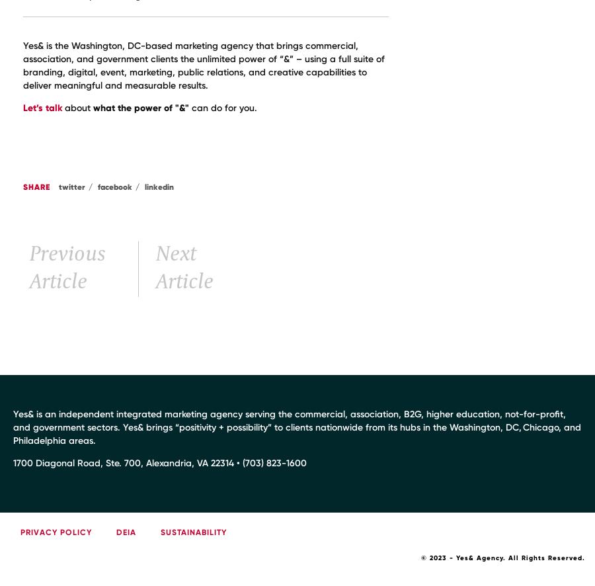 The image size is (595, 586). Describe the element at coordinates (77, 107) in the screenshot. I see `'about'` at that location.